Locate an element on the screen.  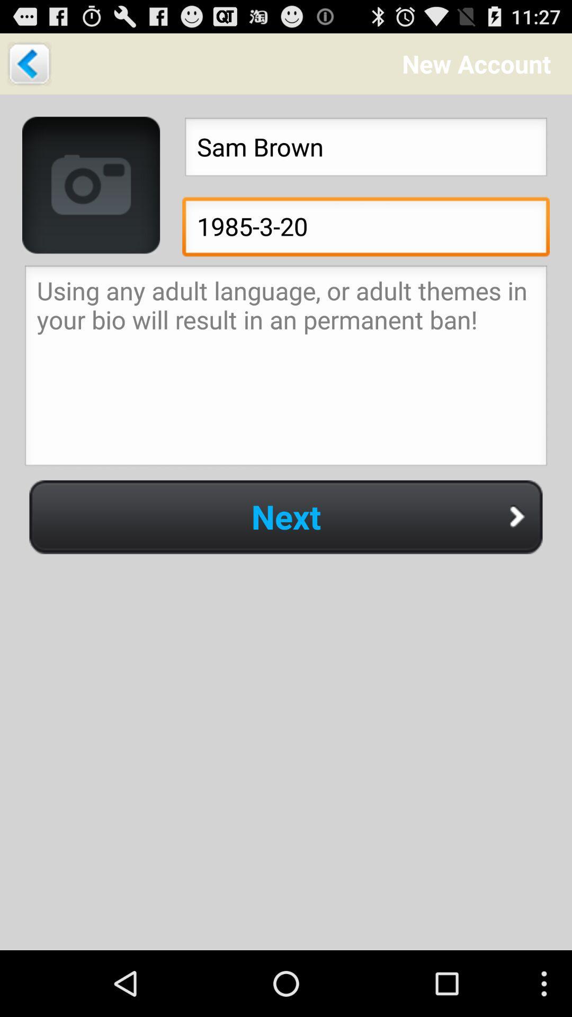
biography information is located at coordinates (286, 369).